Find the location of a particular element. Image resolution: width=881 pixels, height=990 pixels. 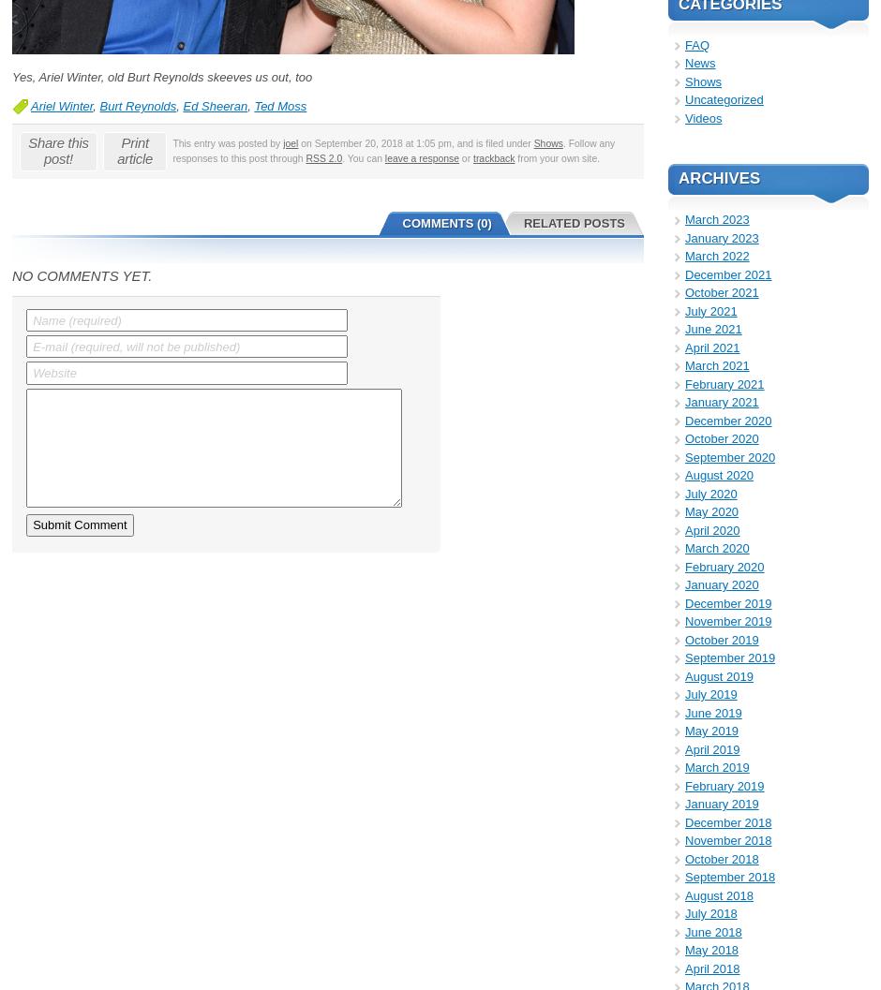

'March 2021' is located at coordinates (715, 364).